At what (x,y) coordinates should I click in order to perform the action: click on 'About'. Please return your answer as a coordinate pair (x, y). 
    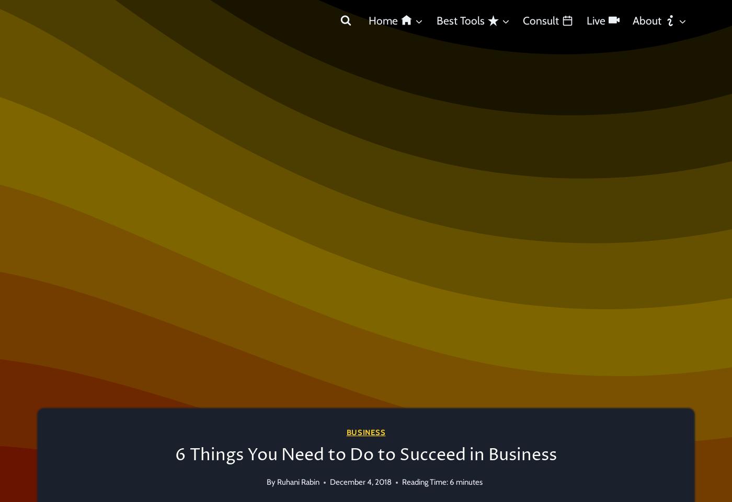
    Looking at the image, I should click on (633, 20).